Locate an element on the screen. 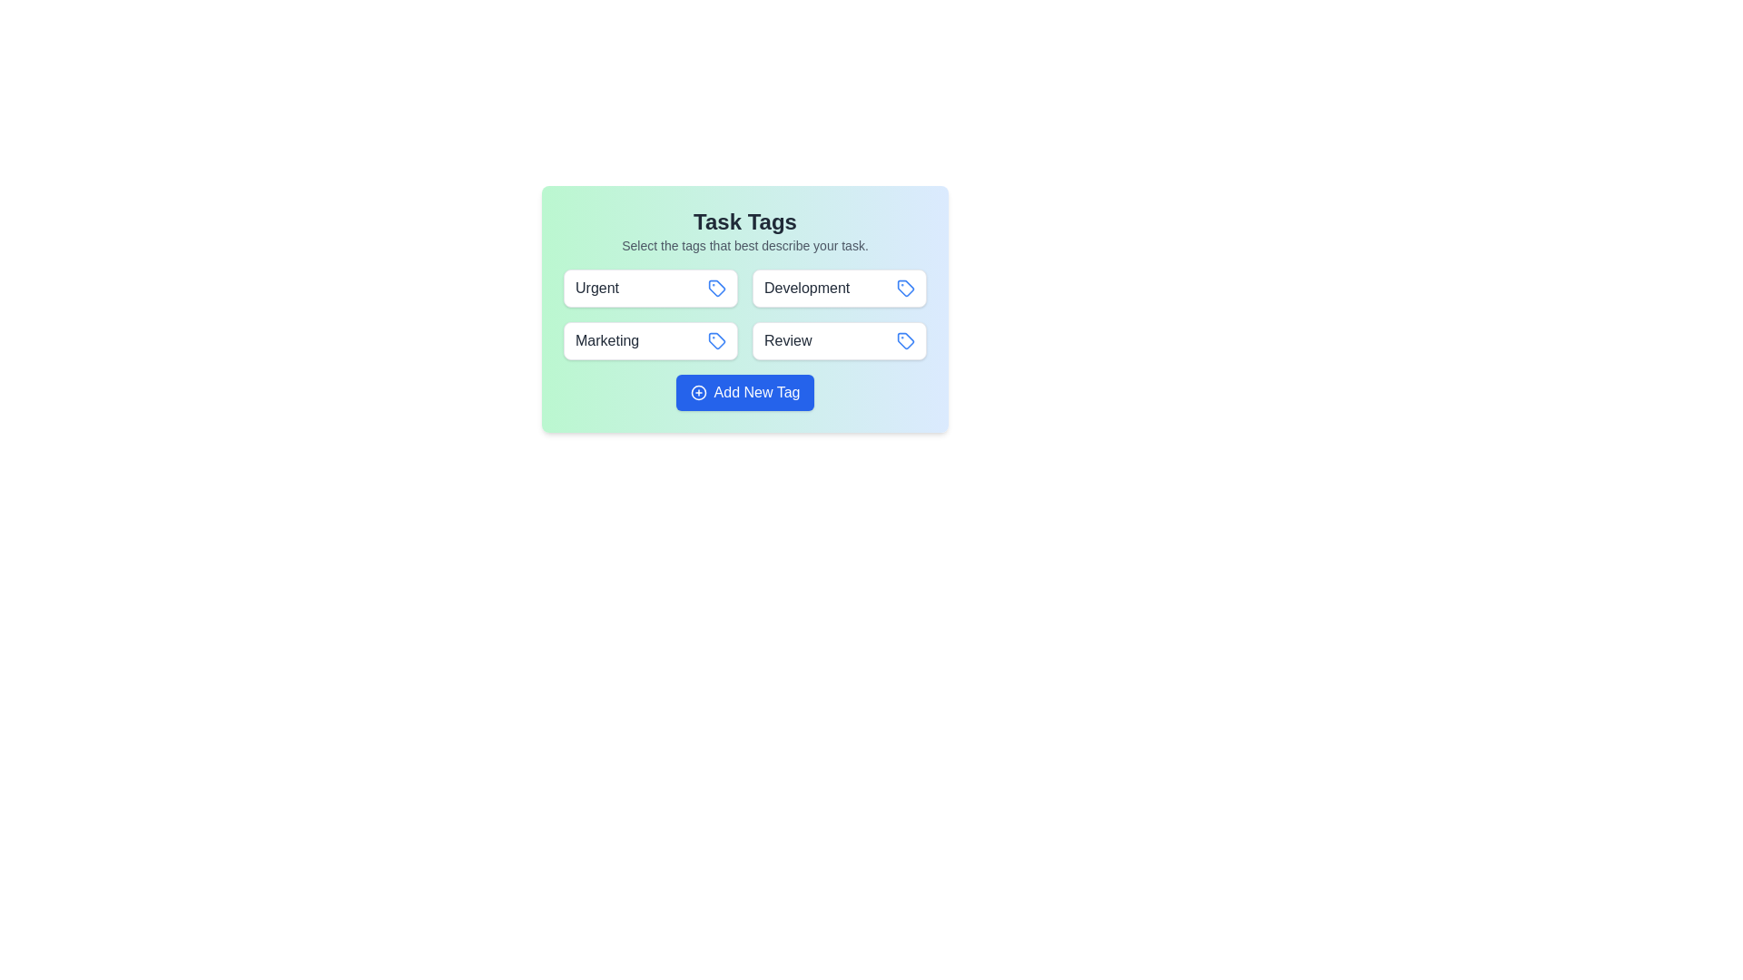  the 'Add New Tag' button to trigger the action for adding a new tag is located at coordinates (744, 391).